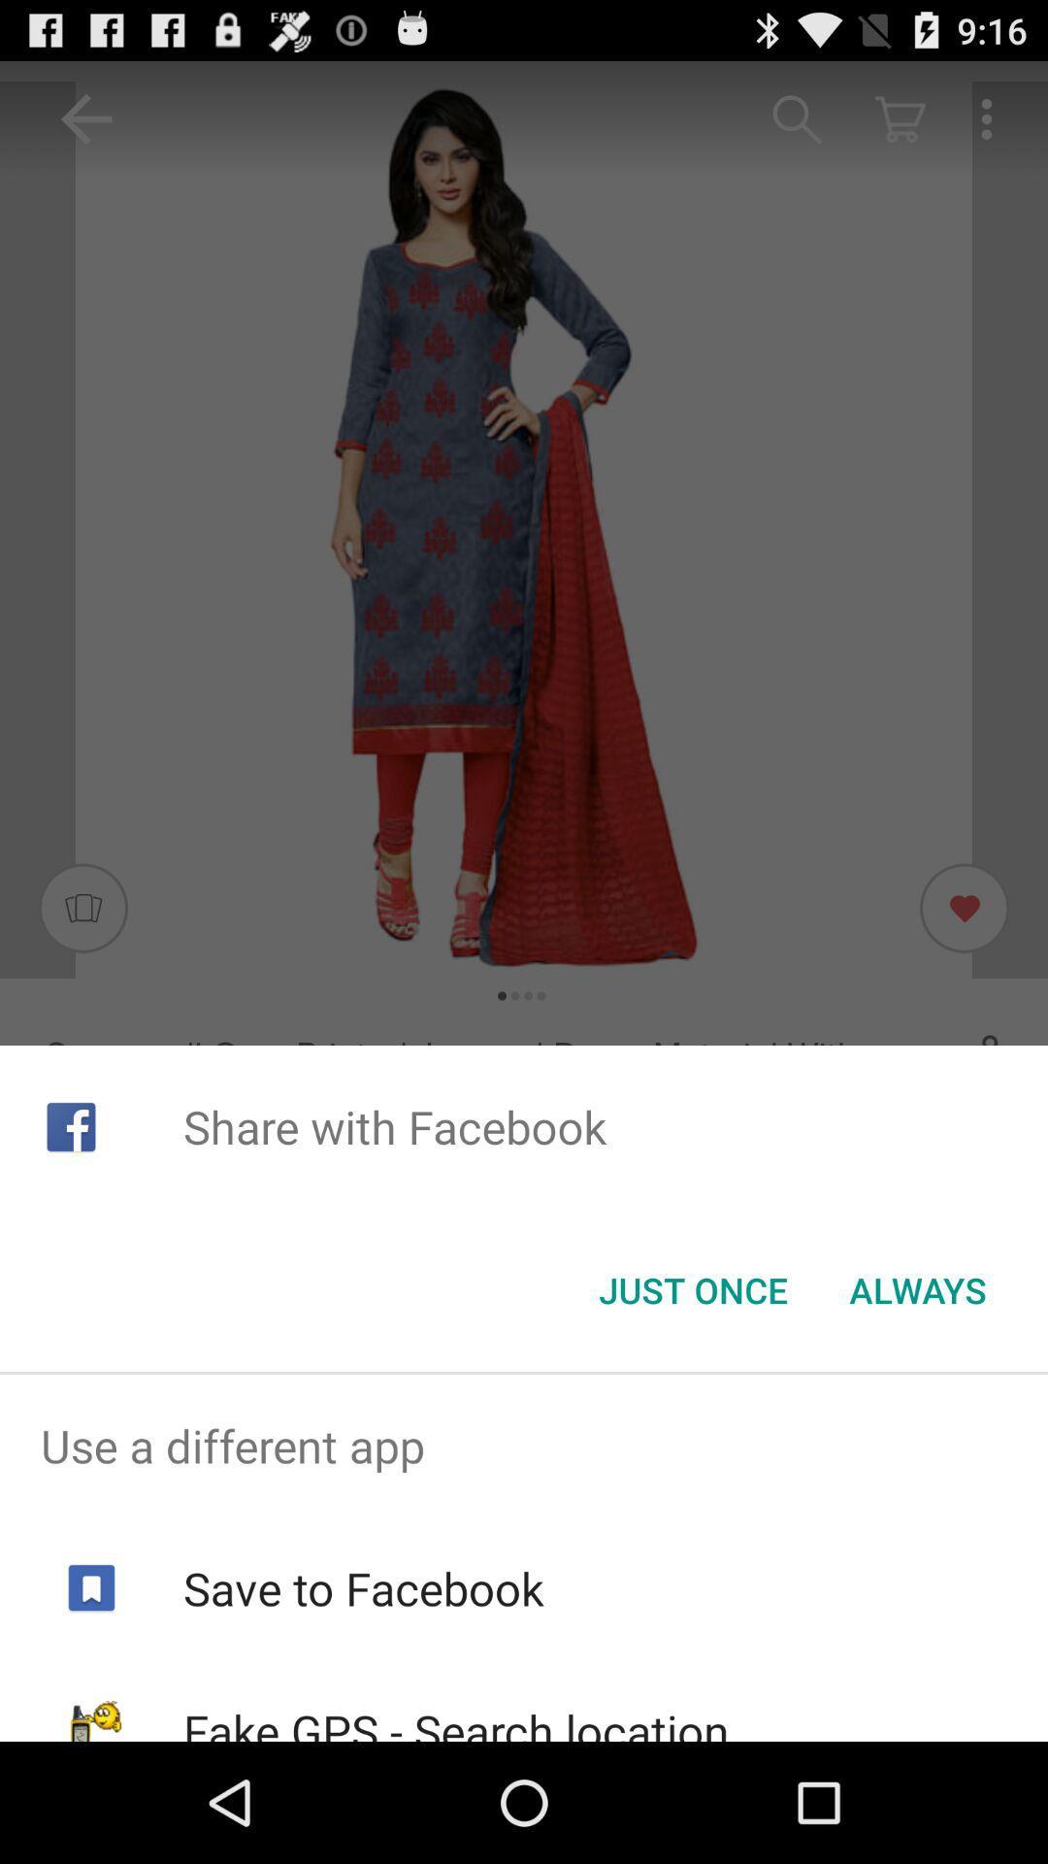 The width and height of the screenshot is (1048, 1864). I want to click on icon above fake gps search, so click(363, 1588).